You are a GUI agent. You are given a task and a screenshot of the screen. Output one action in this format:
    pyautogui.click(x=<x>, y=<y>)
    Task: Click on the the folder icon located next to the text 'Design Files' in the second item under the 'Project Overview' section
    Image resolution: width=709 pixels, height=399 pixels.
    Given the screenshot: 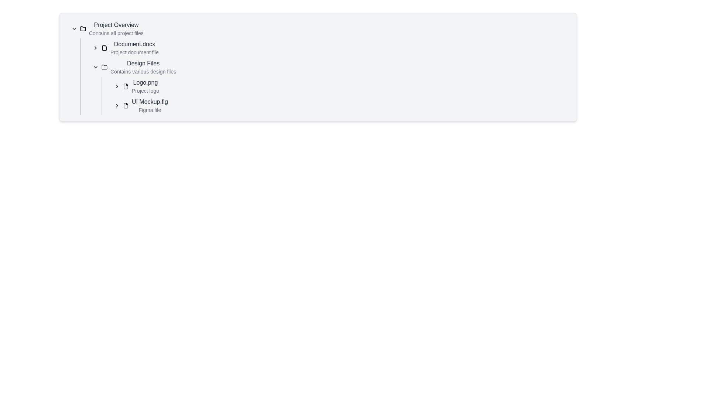 What is the action you would take?
    pyautogui.click(x=104, y=67)
    